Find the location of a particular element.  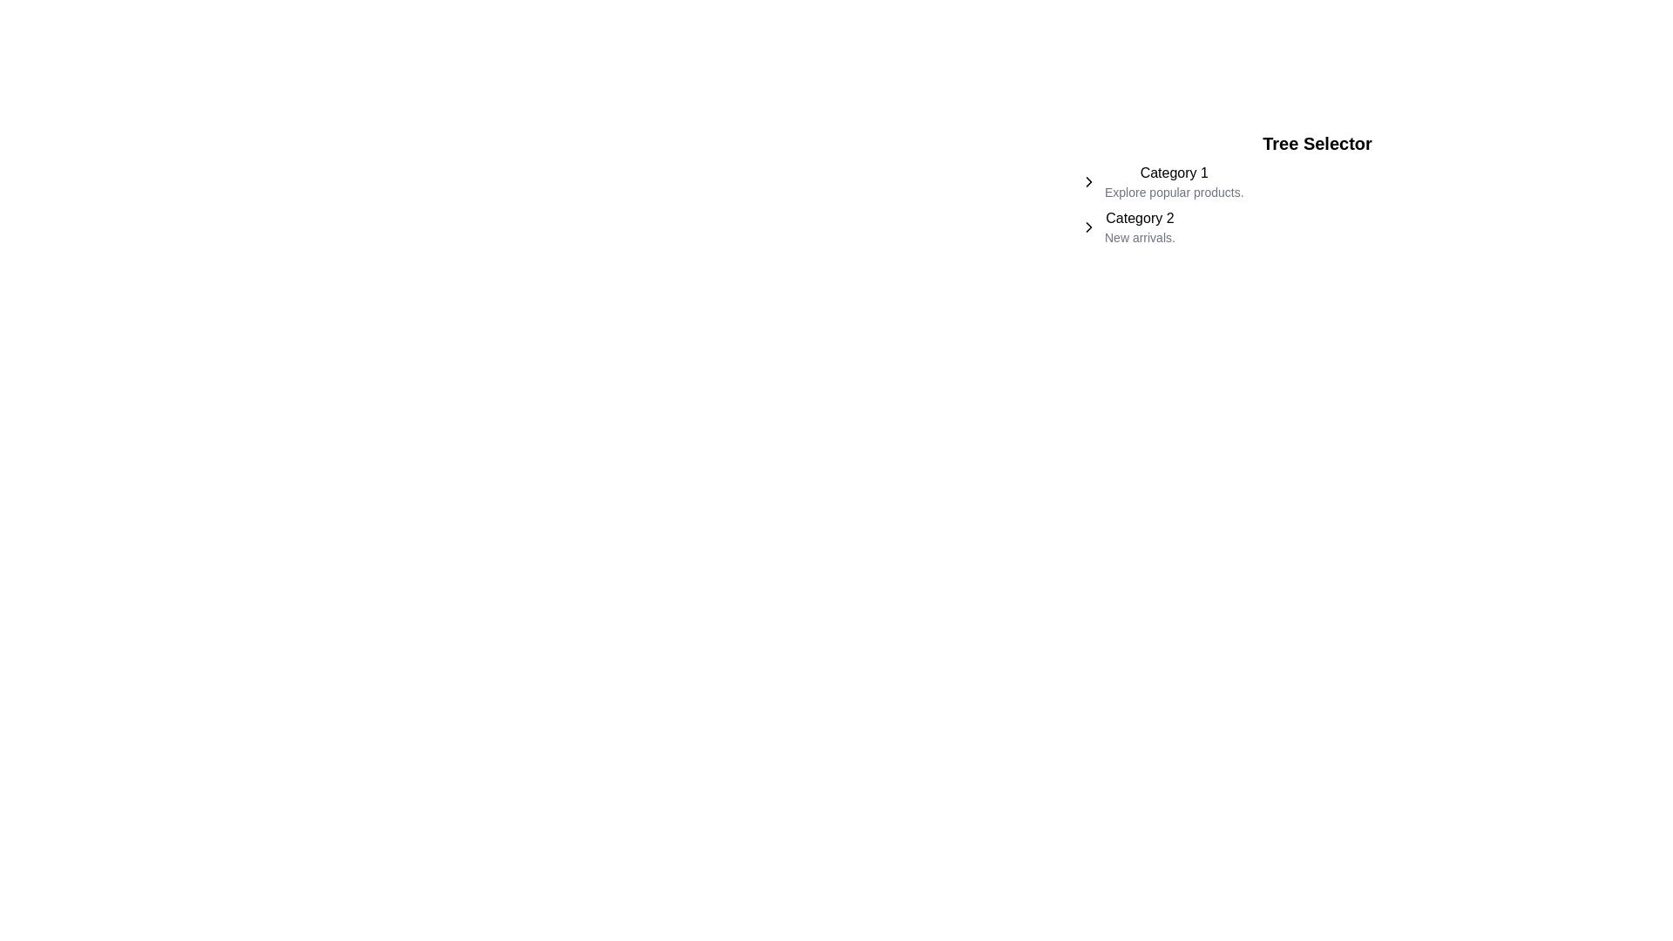

the Chevron icon located to the left of the 'Category 2' text is located at coordinates (1087, 227).